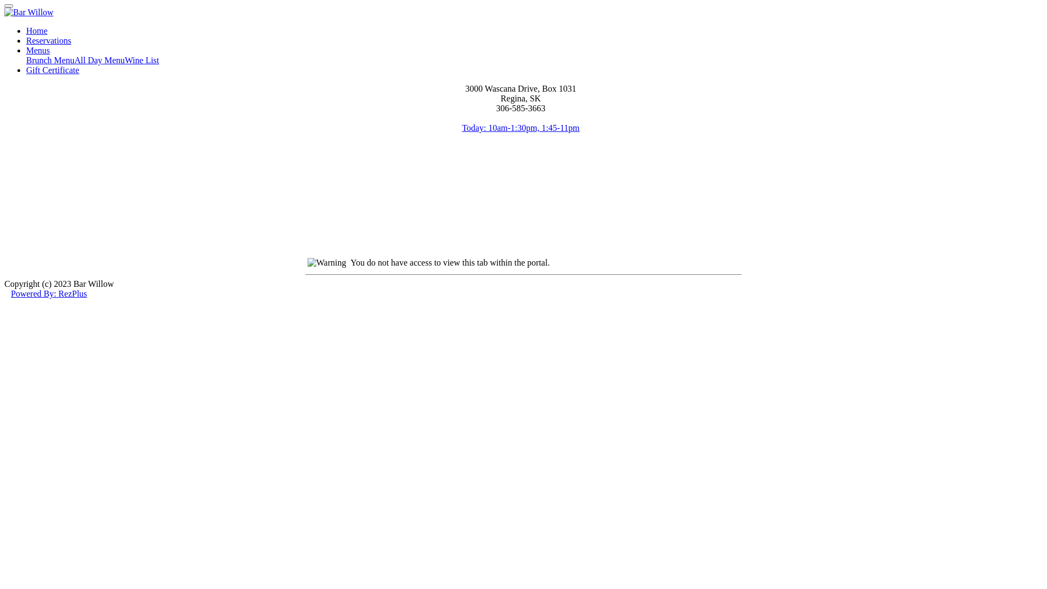 The width and height of the screenshot is (1047, 589). Describe the element at coordinates (49, 60) in the screenshot. I see `'Brunch Menu'` at that location.